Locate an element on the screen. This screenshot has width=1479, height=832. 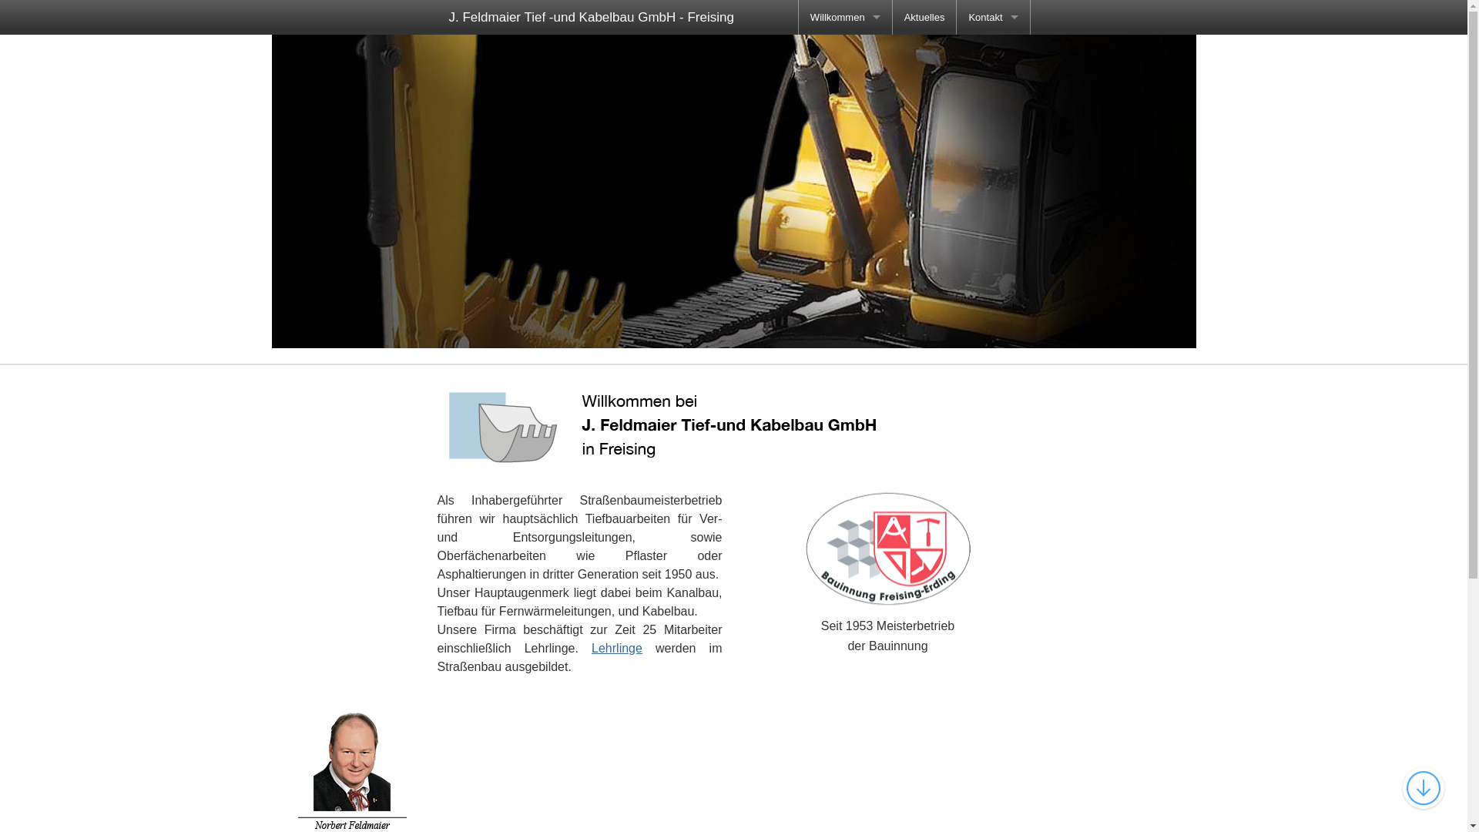
'Chronik' is located at coordinates (798, 51).